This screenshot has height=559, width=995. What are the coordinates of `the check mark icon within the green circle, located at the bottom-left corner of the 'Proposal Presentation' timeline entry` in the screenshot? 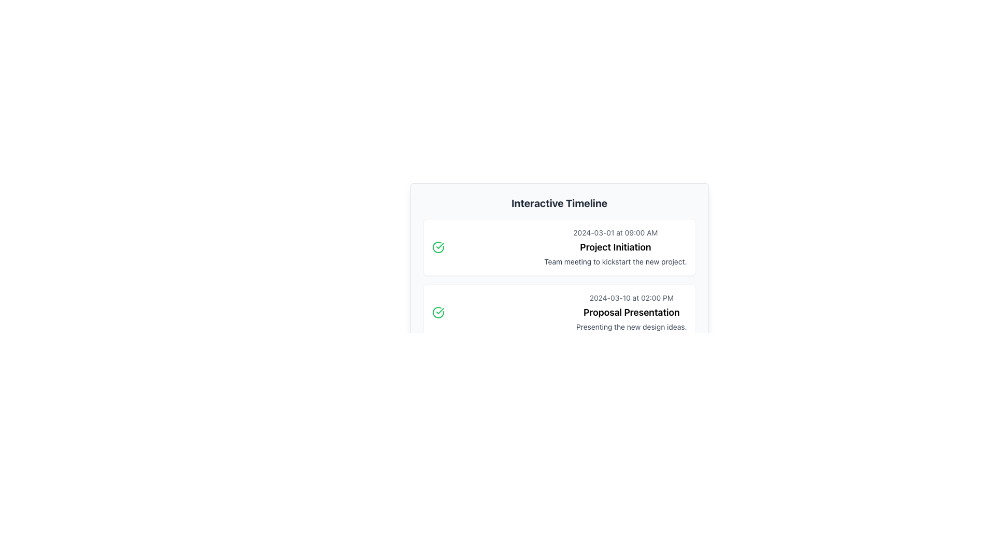 It's located at (440, 245).